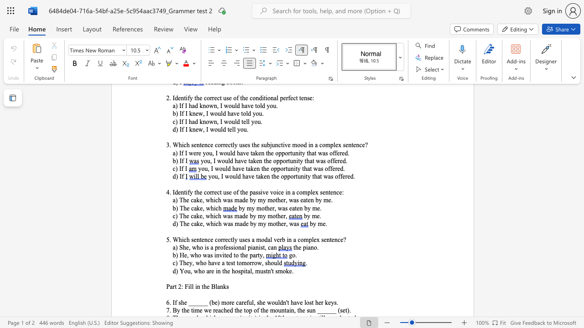 Image resolution: width=584 pixels, height=328 pixels. What do you see at coordinates (318, 302) in the screenshot?
I see `the space between the continuous character "h" and "e" in the text` at bounding box center [318, 302].